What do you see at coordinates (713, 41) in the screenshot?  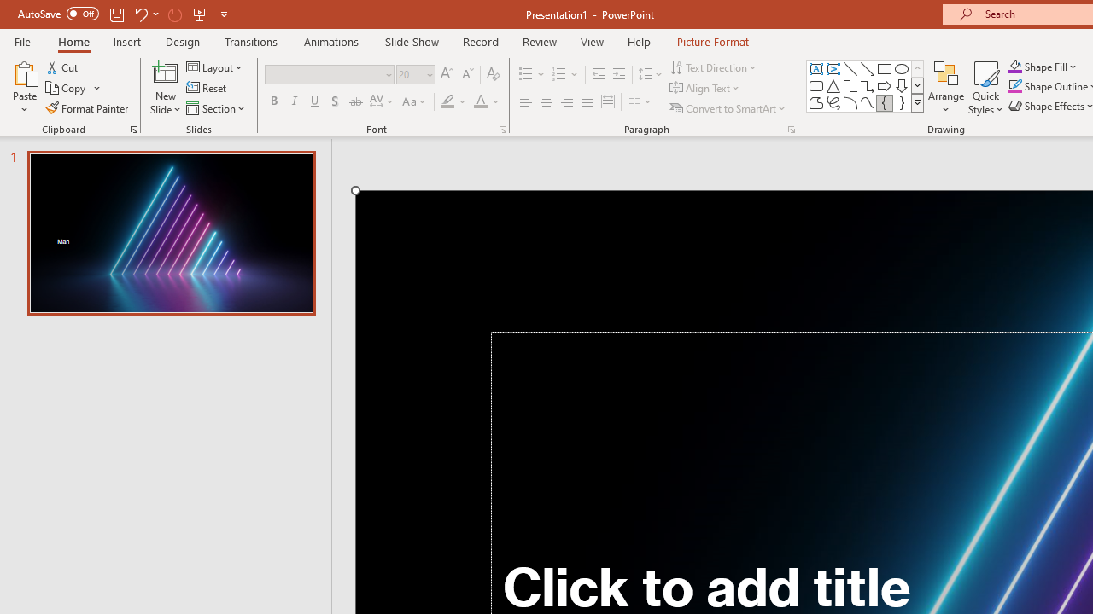 I see `'Picture Format'` at bounding box center [713, 41].